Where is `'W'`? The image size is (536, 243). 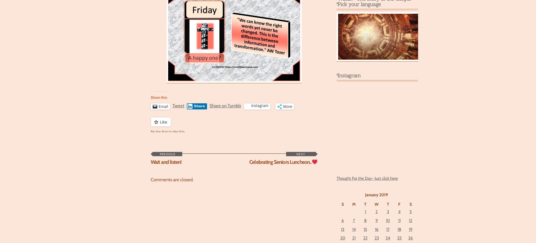
'W' is located at coordinates (376, 204).